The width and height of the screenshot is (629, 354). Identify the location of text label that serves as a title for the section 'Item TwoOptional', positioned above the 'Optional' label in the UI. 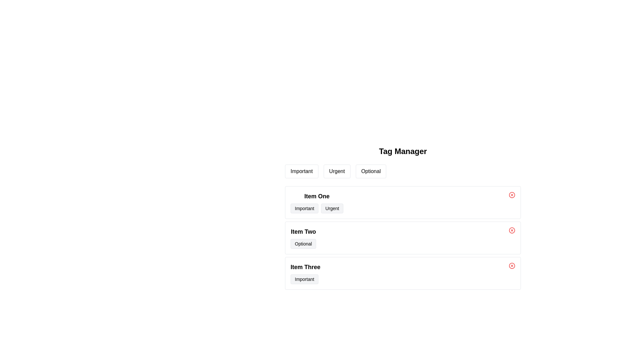
(303, 231).